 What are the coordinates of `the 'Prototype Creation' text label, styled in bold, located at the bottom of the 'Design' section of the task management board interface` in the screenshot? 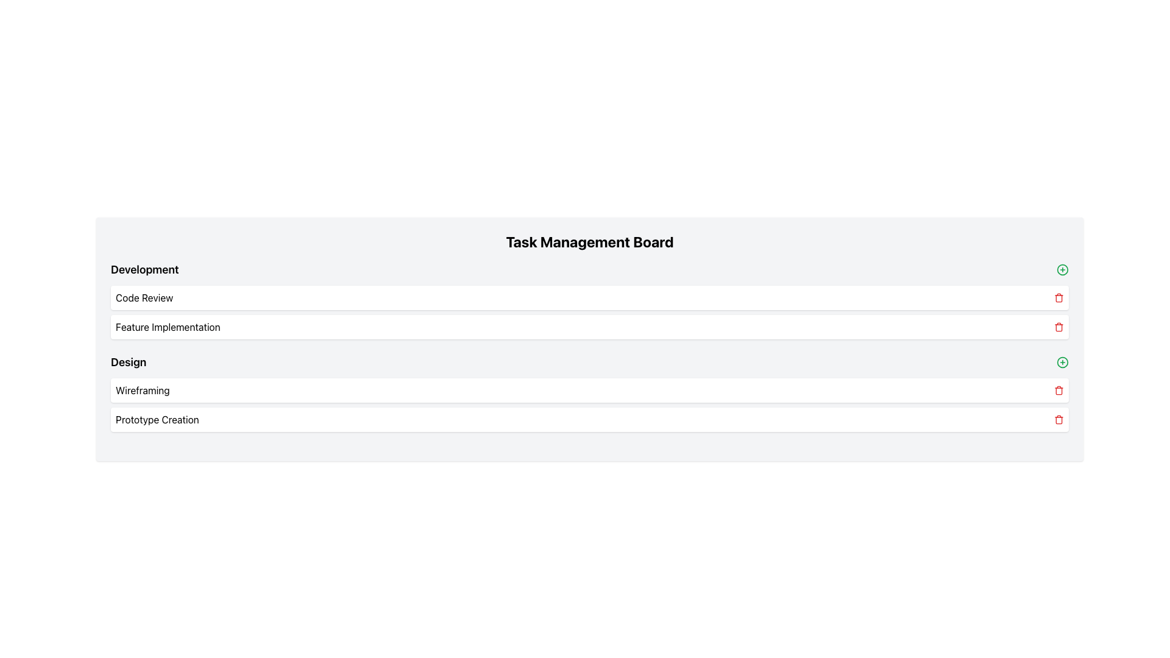 It's located at (157, 419).